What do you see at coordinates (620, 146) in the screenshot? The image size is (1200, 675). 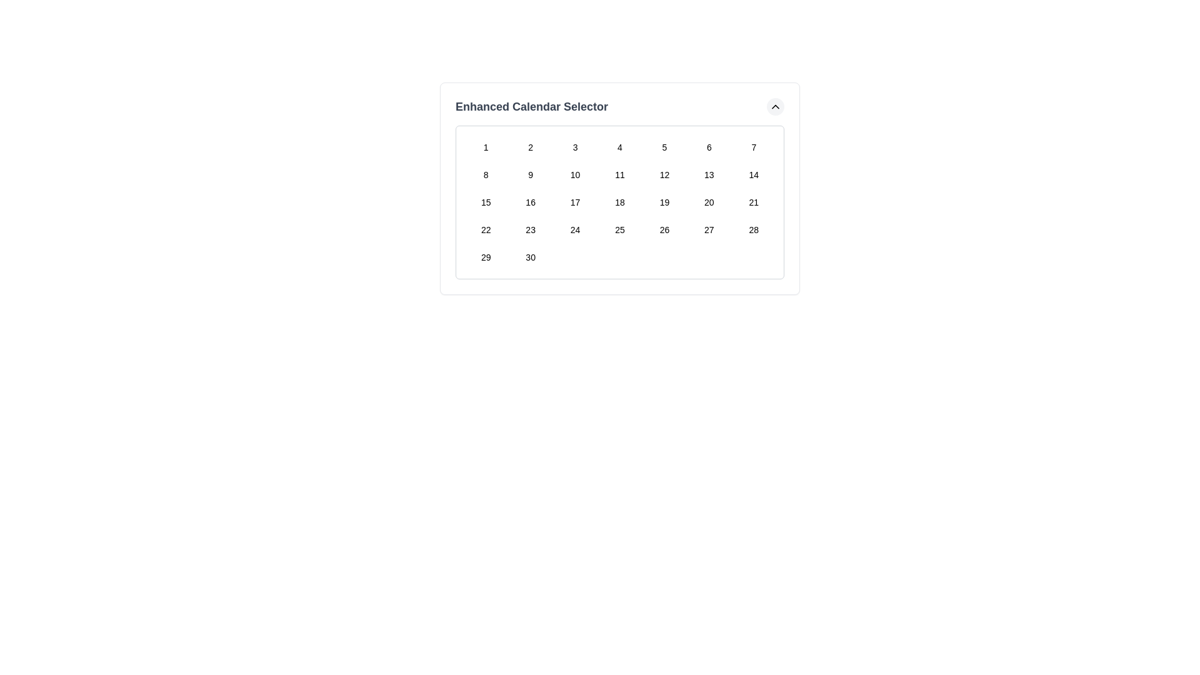 I see `the button displaying the number '4' in the calendar grid of the 'Enhanced Calendar Selector'` at bounding box center [620, 146].